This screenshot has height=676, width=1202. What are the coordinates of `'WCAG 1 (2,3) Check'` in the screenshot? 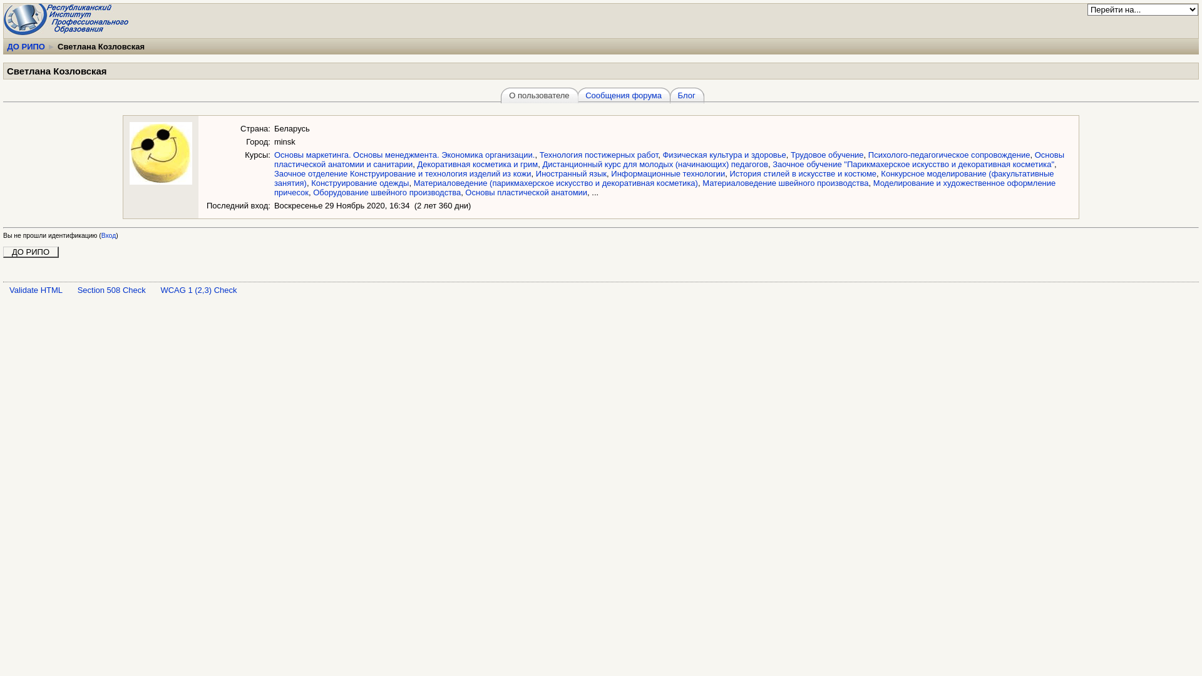 It's located at (197, 290).